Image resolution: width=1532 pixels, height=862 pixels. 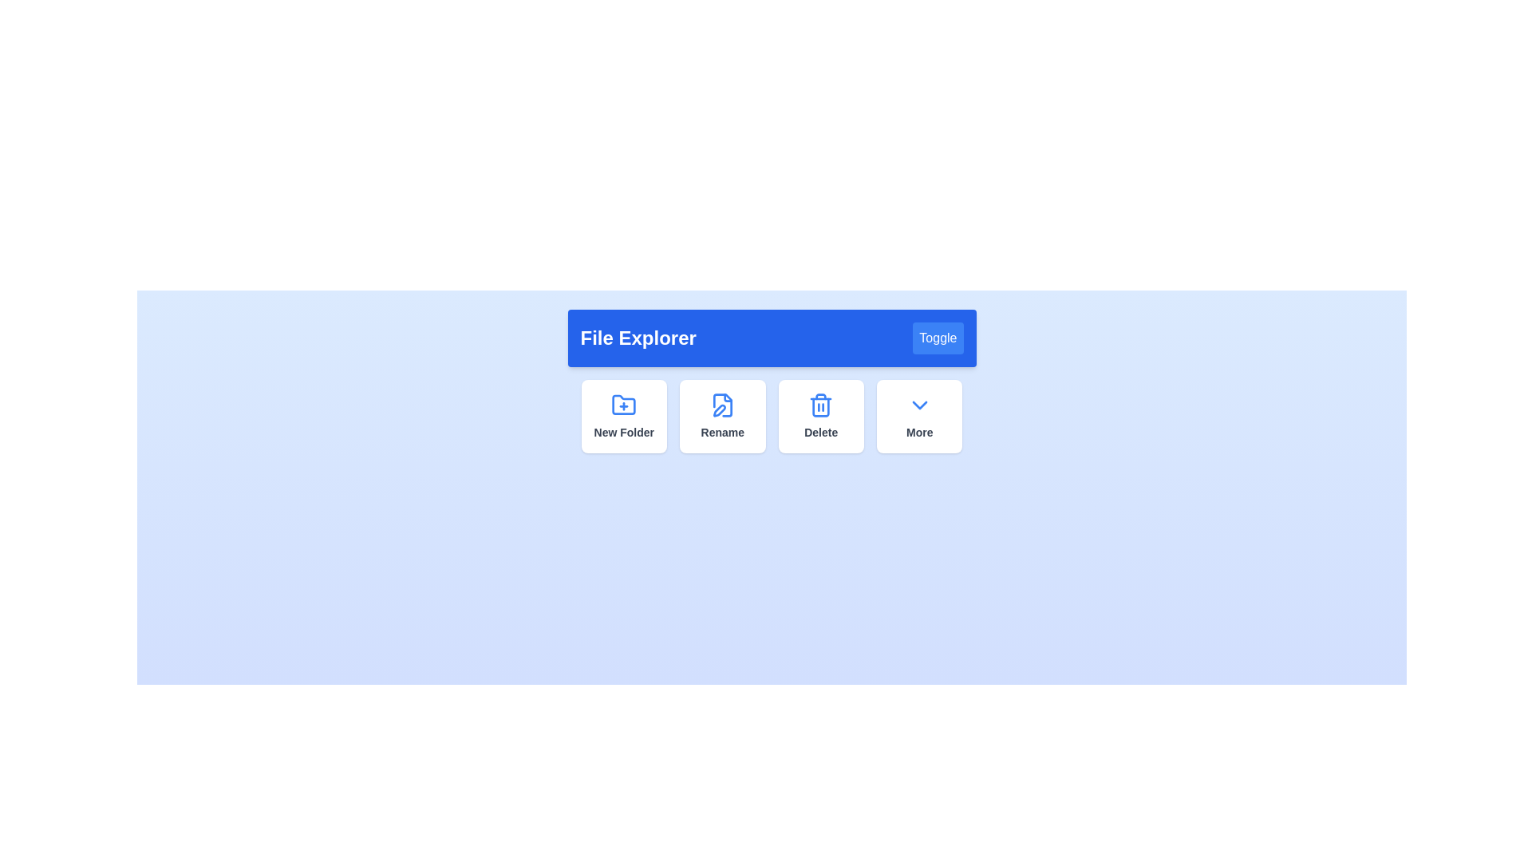 I want to click on the 'More' button to expand its options, so click(x=919, y=415).